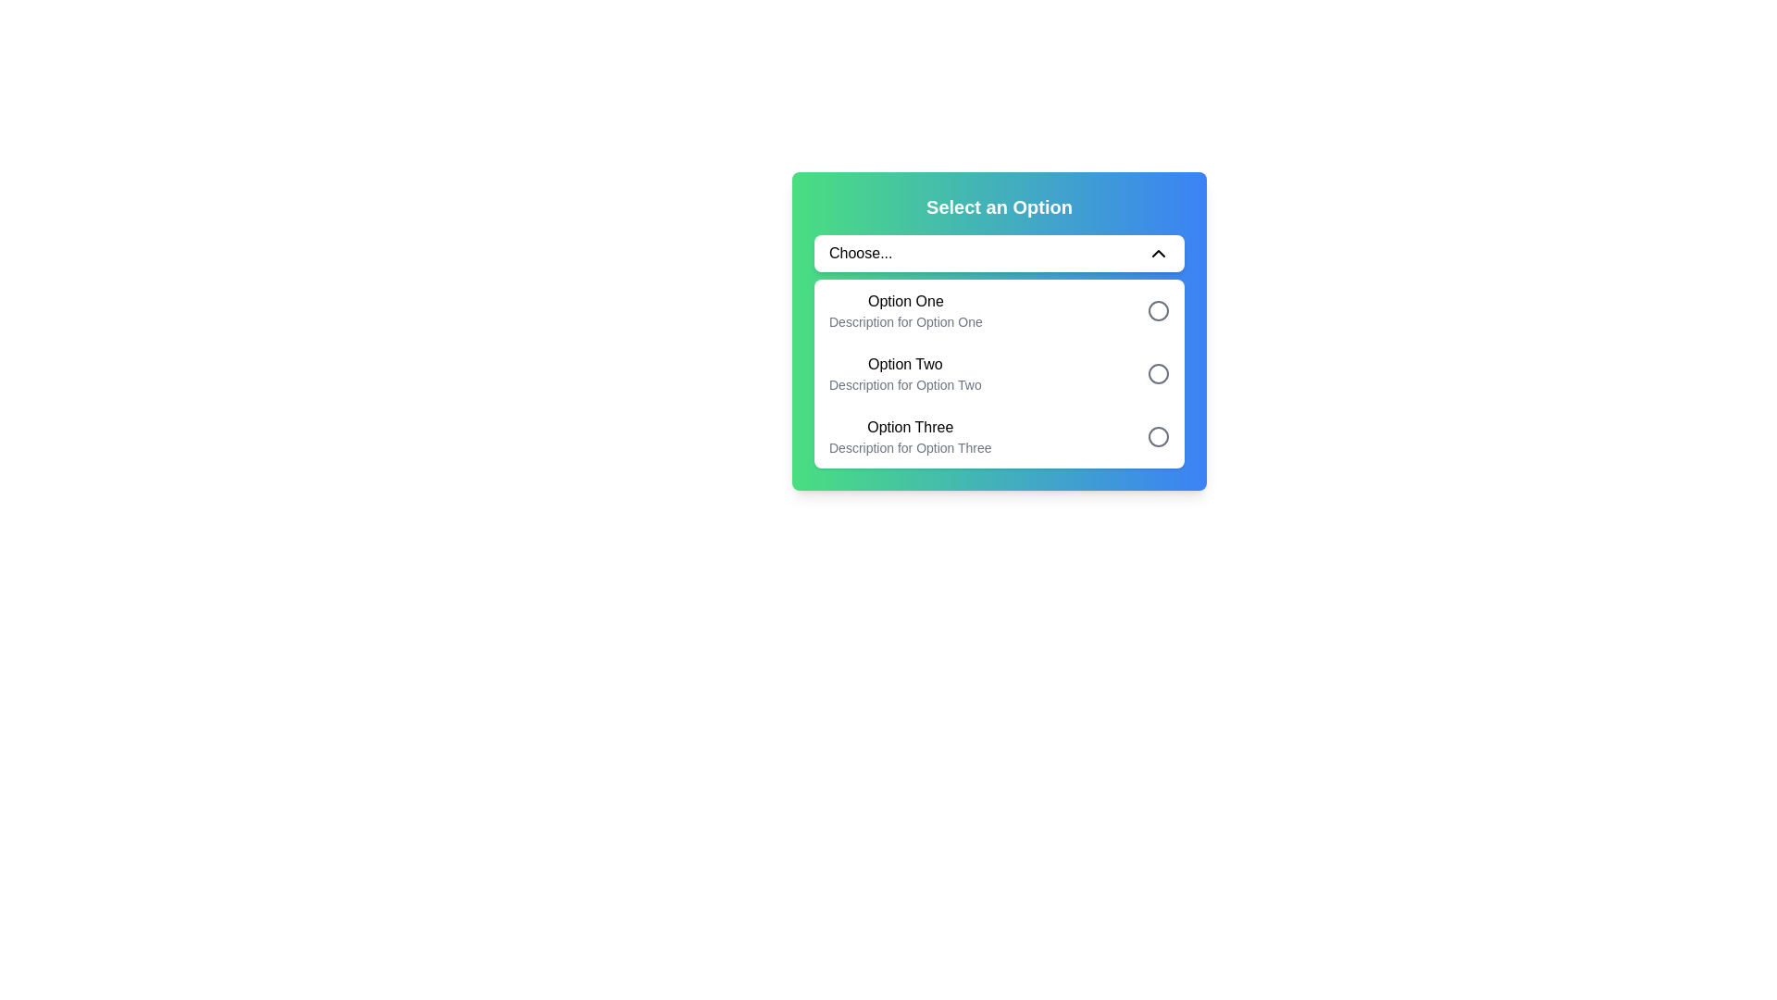  What do you see at coordinates (860, 253) in the screenshot?
I see `the text node displaying 'Choose...' located within the dropdown interface, which is styled with standard black text on a white background` at bounding box center [860, 253].